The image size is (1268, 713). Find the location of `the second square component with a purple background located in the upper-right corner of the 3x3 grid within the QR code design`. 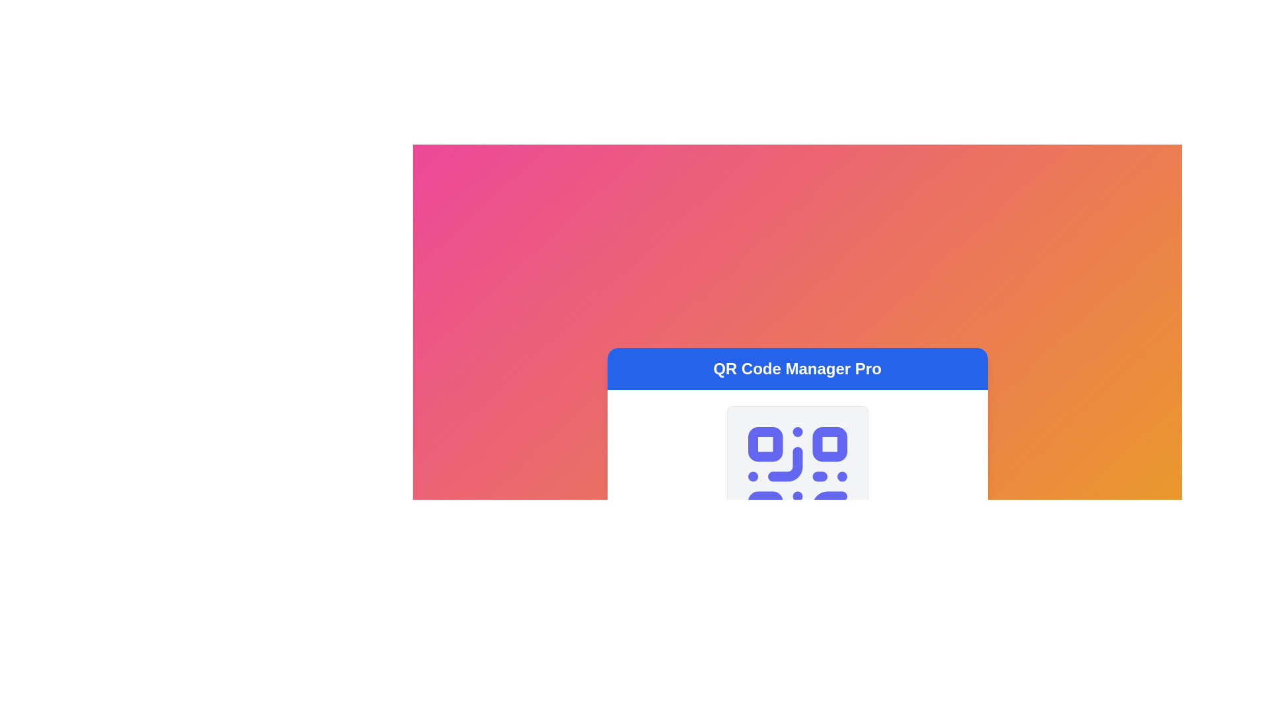

the second square component with a purple background located in the upper-right corner of the 3x3 grid within the QR code design is located at coordinates (829, 444).